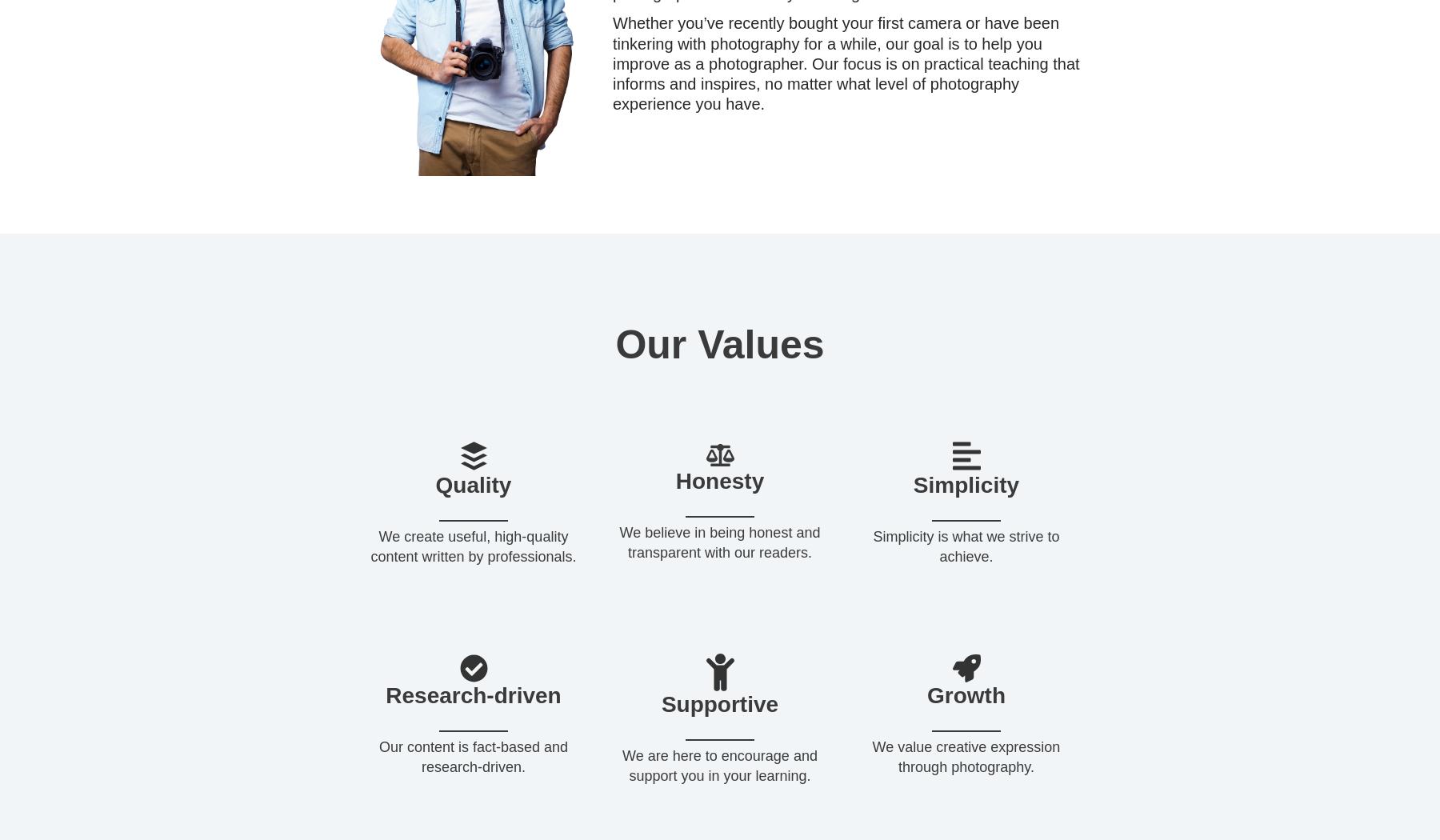 The width and height of the screenshot is (1440, 840). I want to click on 'We are here to encourage and support you in your learning.', so click(621, 764).